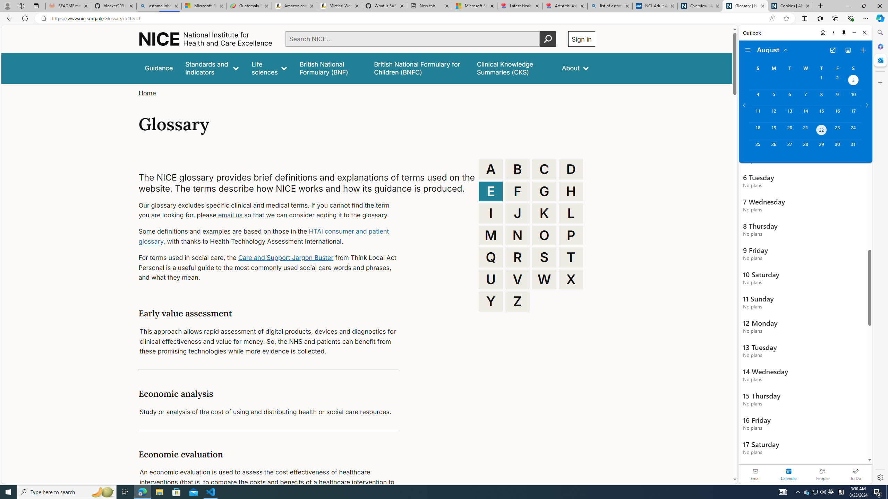  What do you see at coordinates (574, 68) in the screenshot?
I see `'About'` at bounding box center [574, 68].